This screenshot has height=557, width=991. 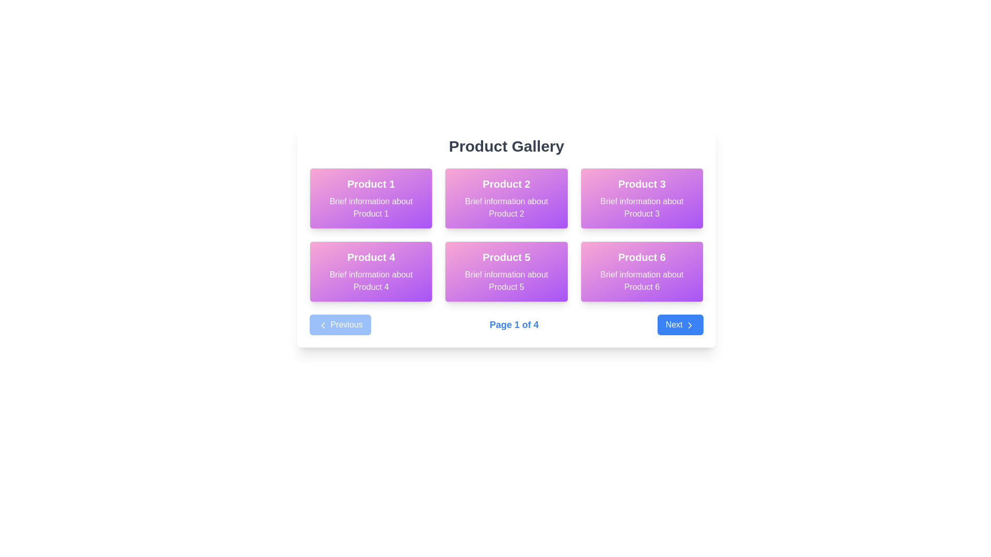 What do you see at coordinates (506, 281) in the screenshot?
I see `text label displaying 'Brief information about Product 5', which is styled in white font on a gradient background and located below the title 'Product 5'` at bounding box center [506, 281].